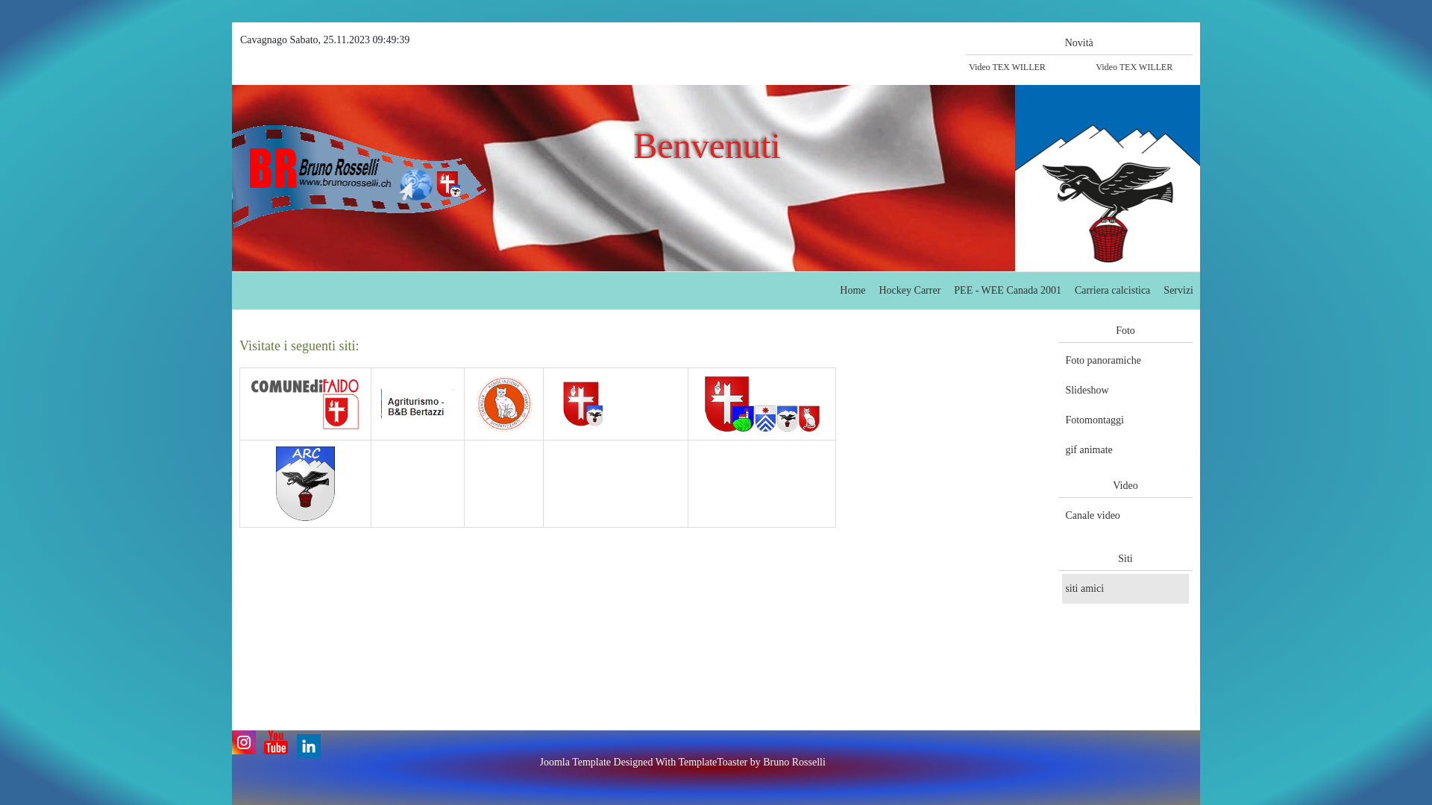  I want to click on 'Hockey Carrer', so click(908, 290).